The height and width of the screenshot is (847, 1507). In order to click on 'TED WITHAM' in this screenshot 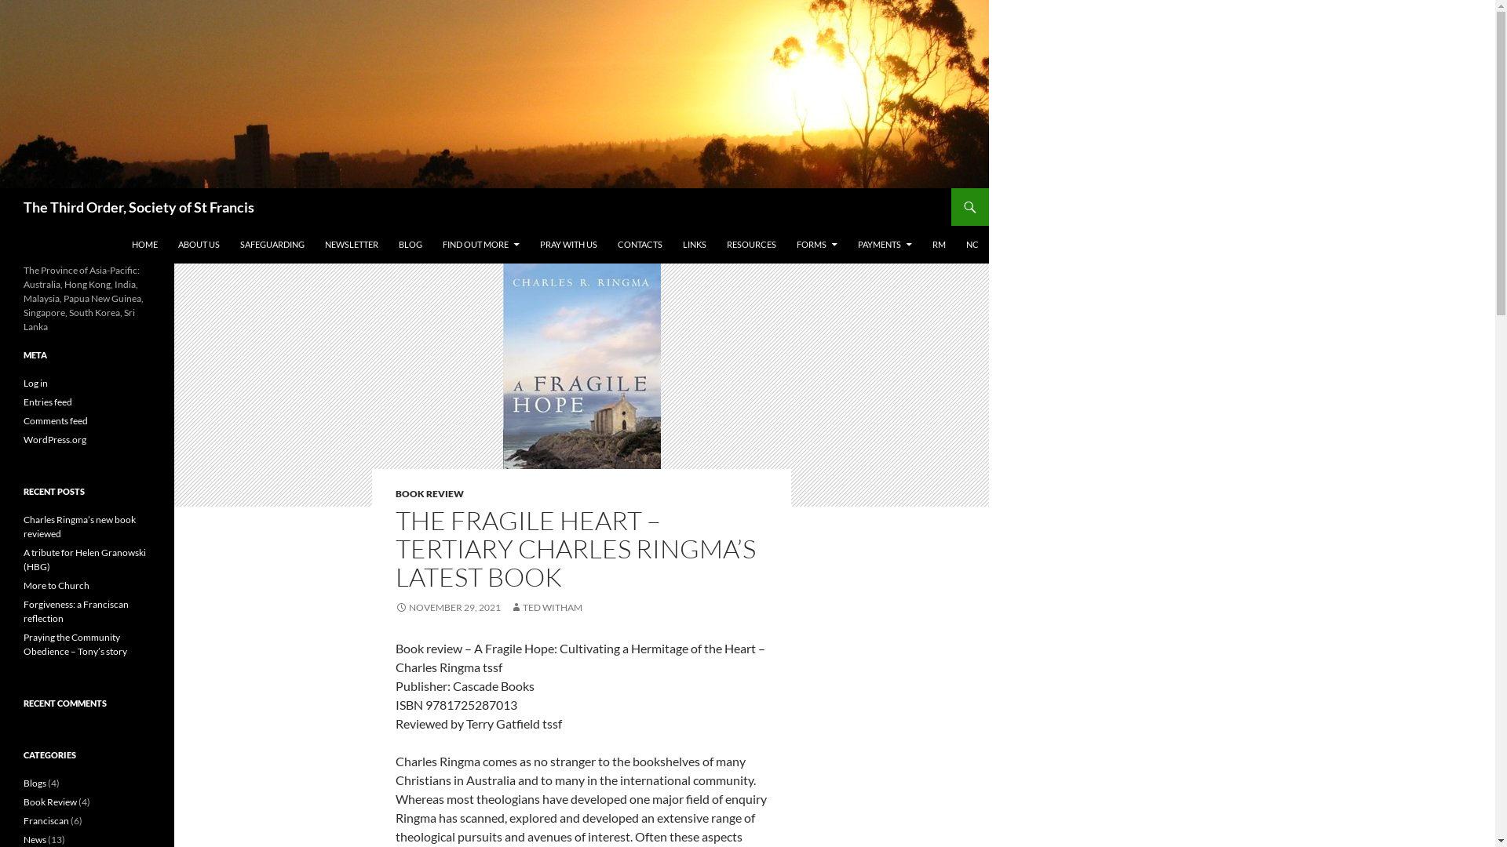, I will do `click(546, 606)`.